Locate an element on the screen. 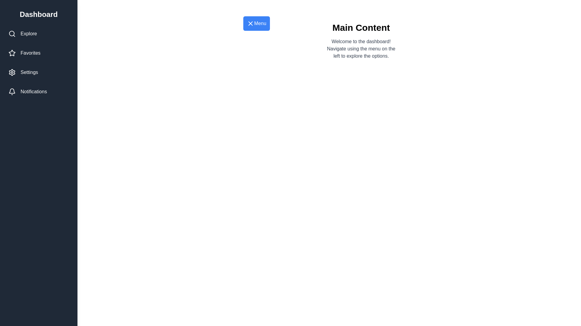  the 'Favorites' menu item icon located in the sidebar menu on the left, which is the second option in the list is located at coordinates (12, 53).